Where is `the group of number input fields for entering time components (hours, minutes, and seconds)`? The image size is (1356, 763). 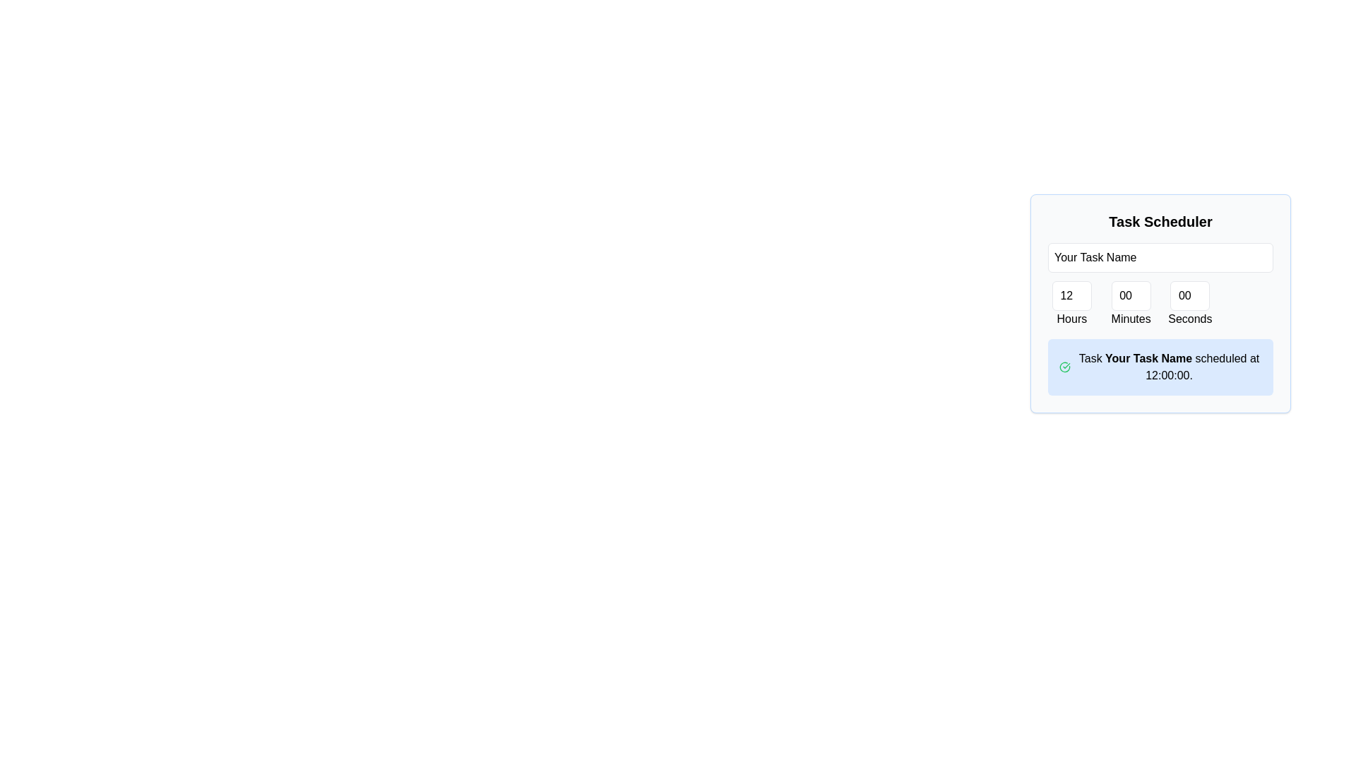
the group of number input fields for entering time components (hours, minutes, and seconds) is located at coordinates (1160, 304).